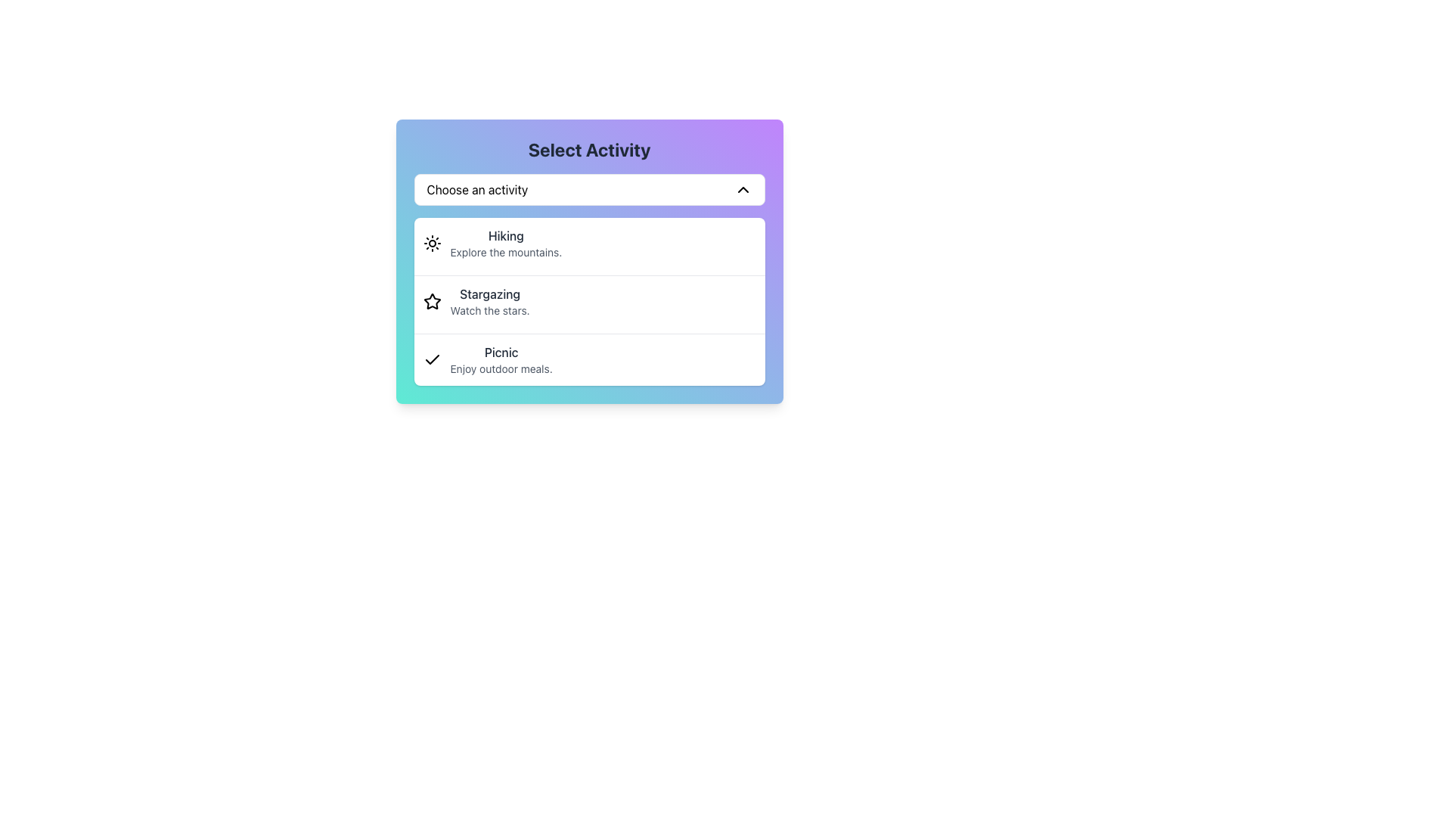  Describe the element at coordinates (431, 242) in the screenshot. I see `the decorative hiking icon located in the top-most item of the 'Select Activity' modal dialog box, positioned to the left of the title text 'Hiking'` at that location.